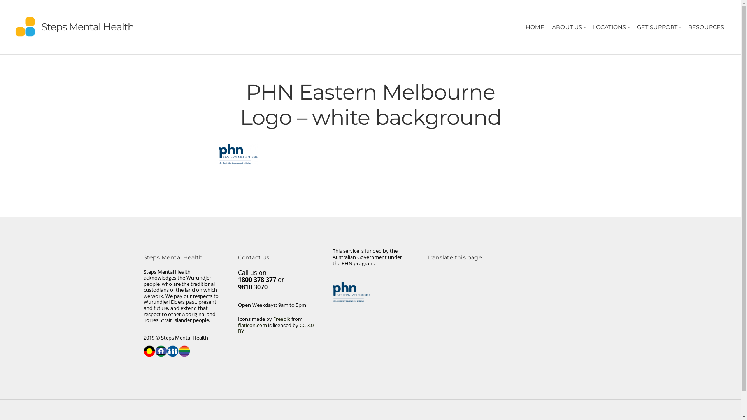  I want to click on 'HOME', so click(534, 26).